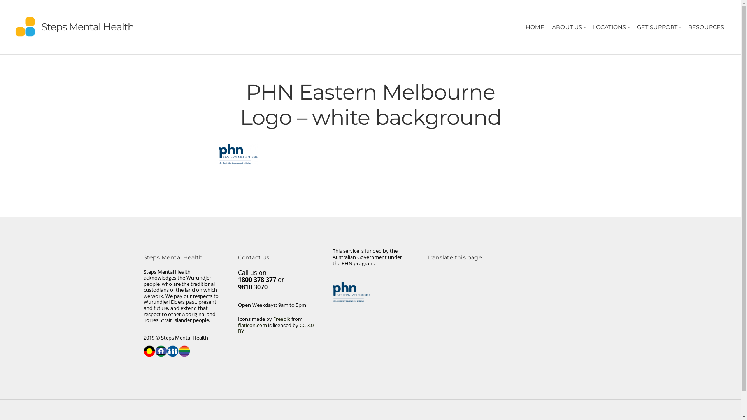  I want to click on 'HOME', so click(534, 26).